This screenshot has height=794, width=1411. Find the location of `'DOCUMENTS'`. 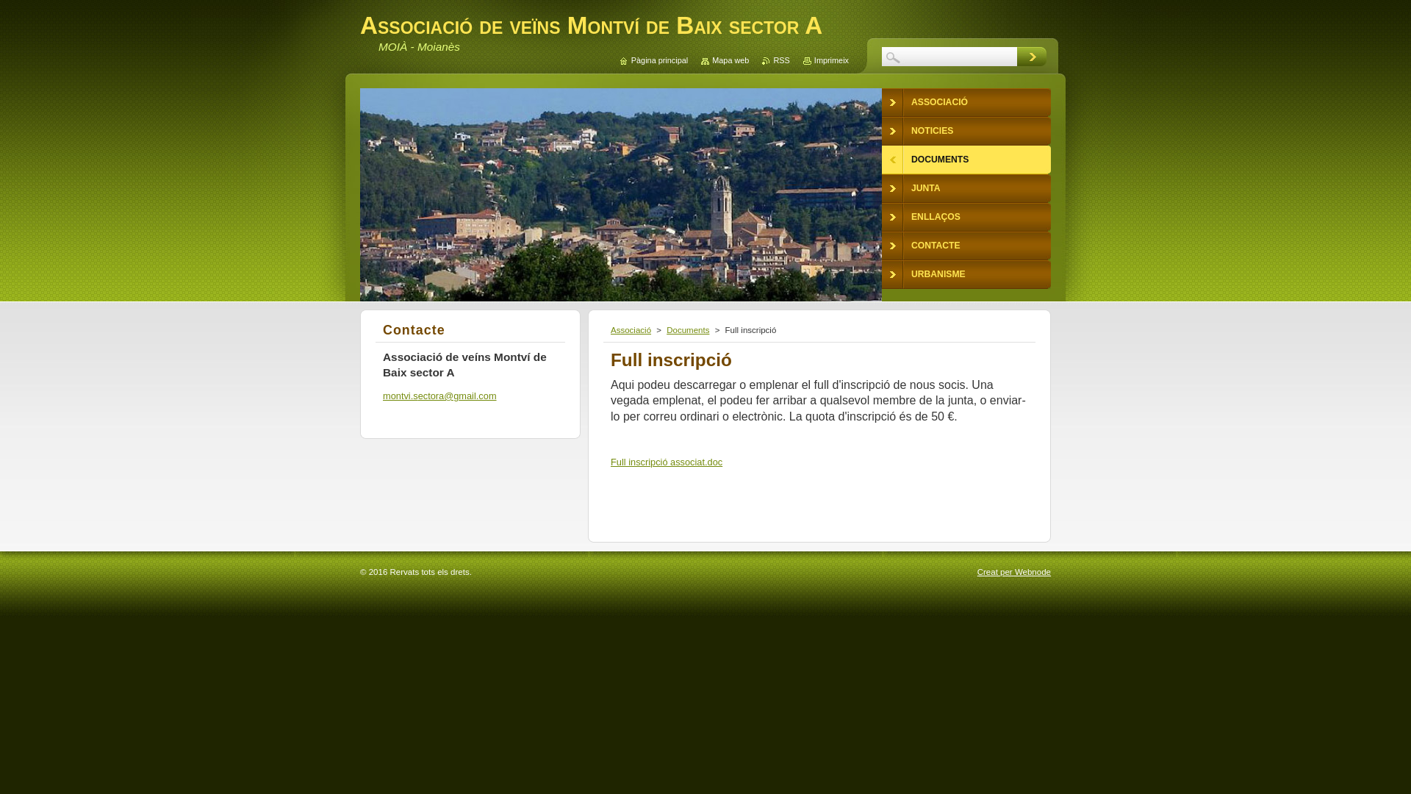

'DOCUMENTS' is located at coordinates (966, 160).